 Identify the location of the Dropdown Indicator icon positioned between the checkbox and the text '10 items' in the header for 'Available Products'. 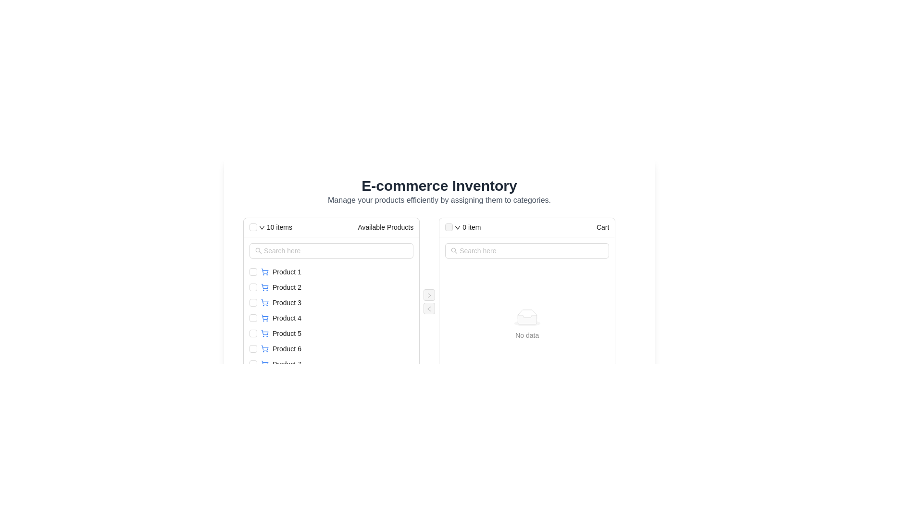
(262, 228).